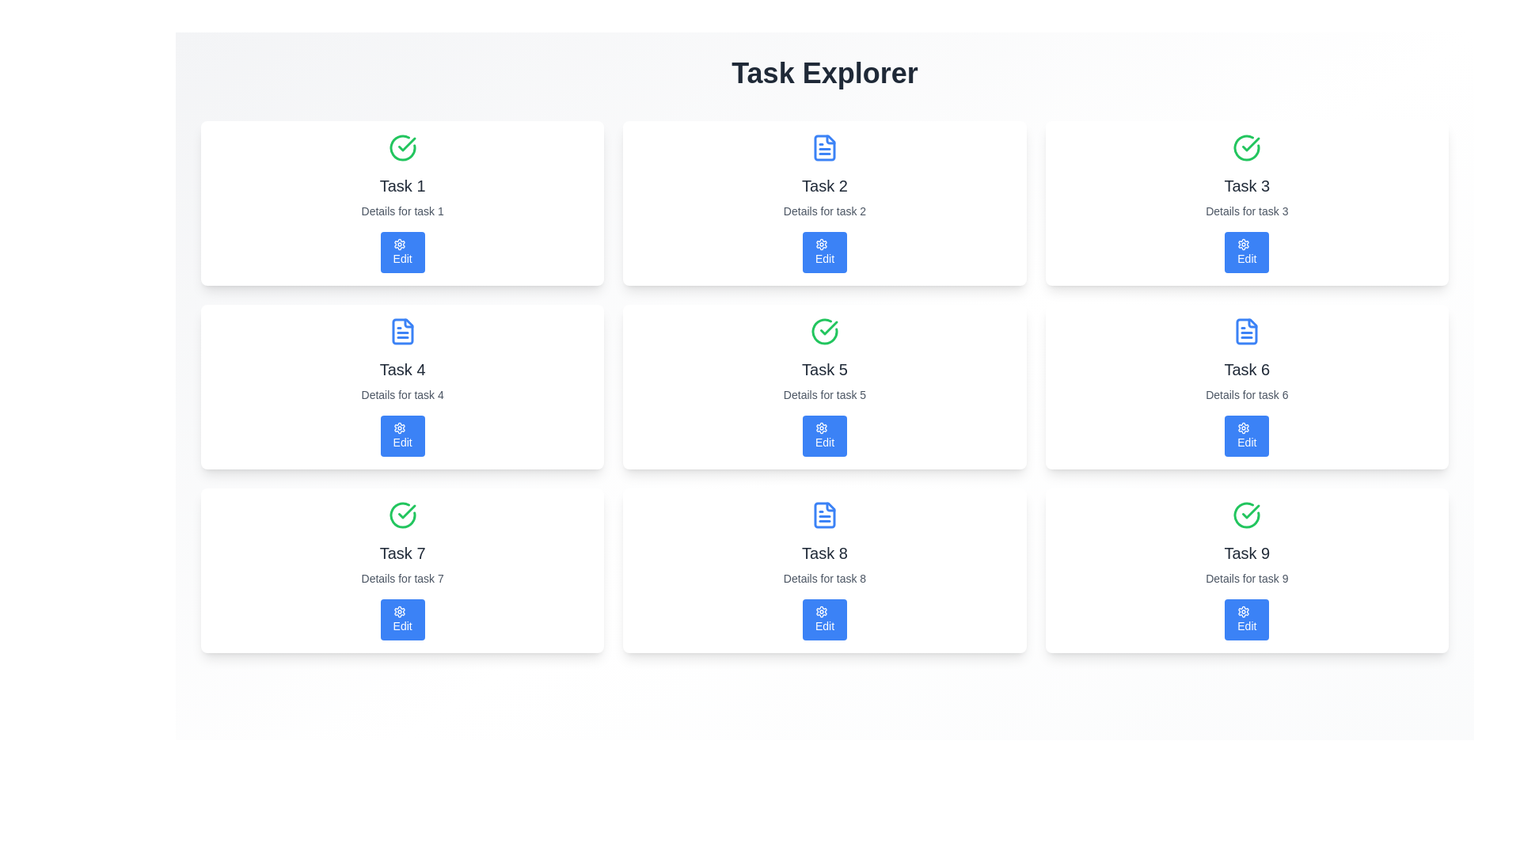  What do you see at coordinates (1246, 436) in the screenshot?
I see `the blue 'Edit' button with a gear-shaped icon located at the bottom middle section of the 'Task 6' card` at bounding box center [1246, 436].